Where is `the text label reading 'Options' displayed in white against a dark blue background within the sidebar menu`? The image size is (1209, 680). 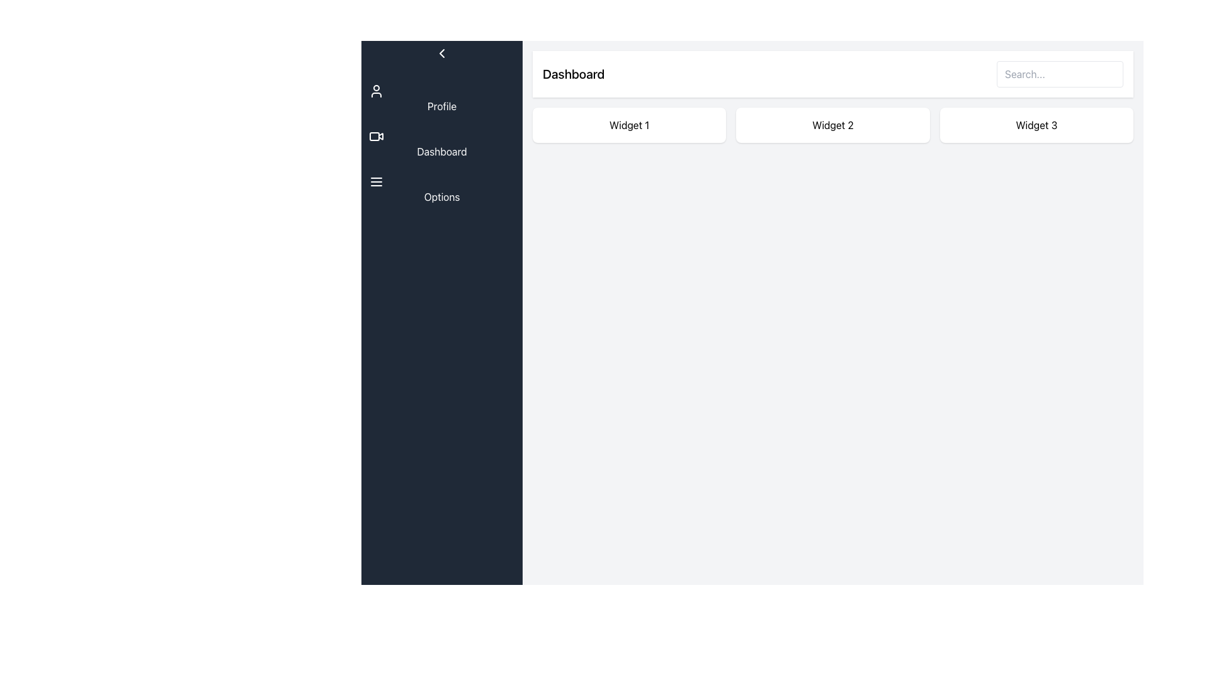
the text label reading 'Options' displayed in white against a dark blue background within the sidebar menu is located at coordinates (441, 196).